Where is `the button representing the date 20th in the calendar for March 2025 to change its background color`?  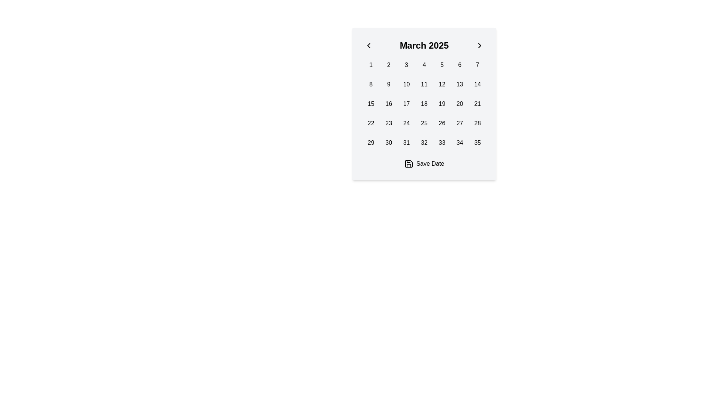
the button representing the date 20th in the calendar for March 2025 to change its background color is located at coordinates (459, 104).